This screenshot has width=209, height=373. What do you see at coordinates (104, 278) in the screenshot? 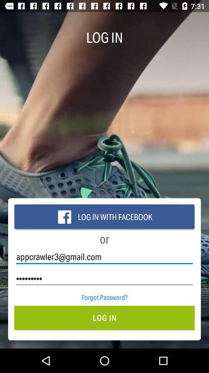
I see `the icon above the forgot password? icon` at bounding box center [104, 278].